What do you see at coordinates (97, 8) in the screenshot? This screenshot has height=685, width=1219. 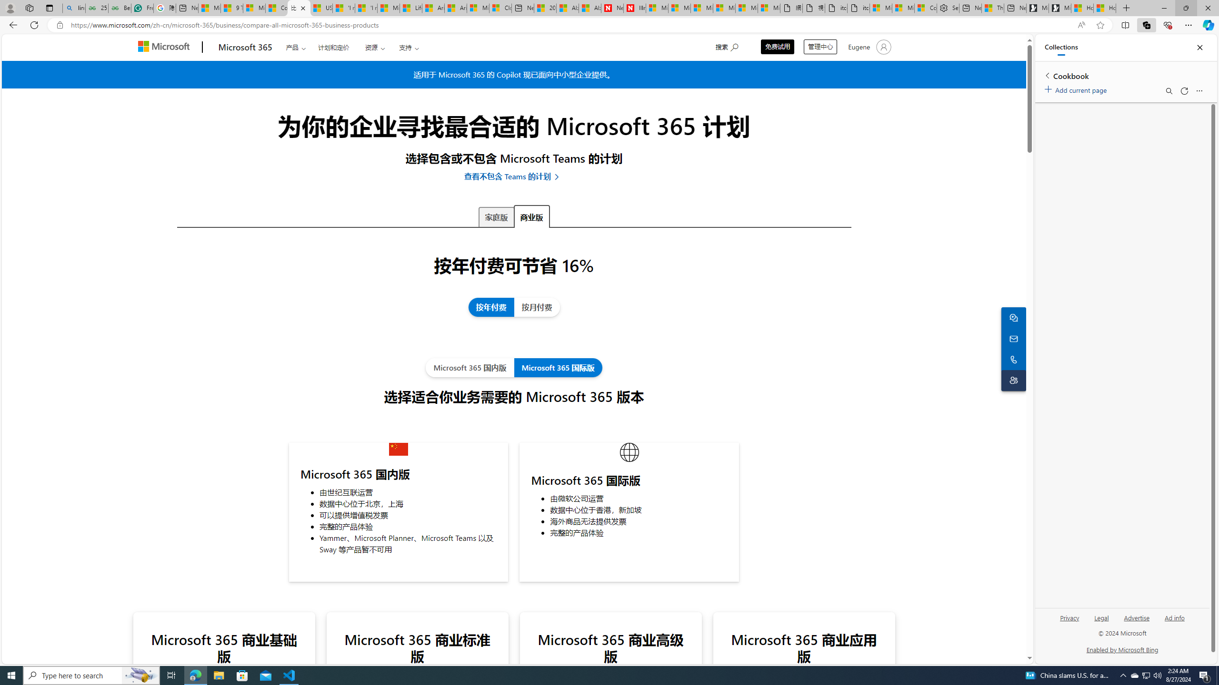 I see `'25 Basic Linux Commands For Beginners - GeeksforGeeks'` at bounding box center [97, 8].